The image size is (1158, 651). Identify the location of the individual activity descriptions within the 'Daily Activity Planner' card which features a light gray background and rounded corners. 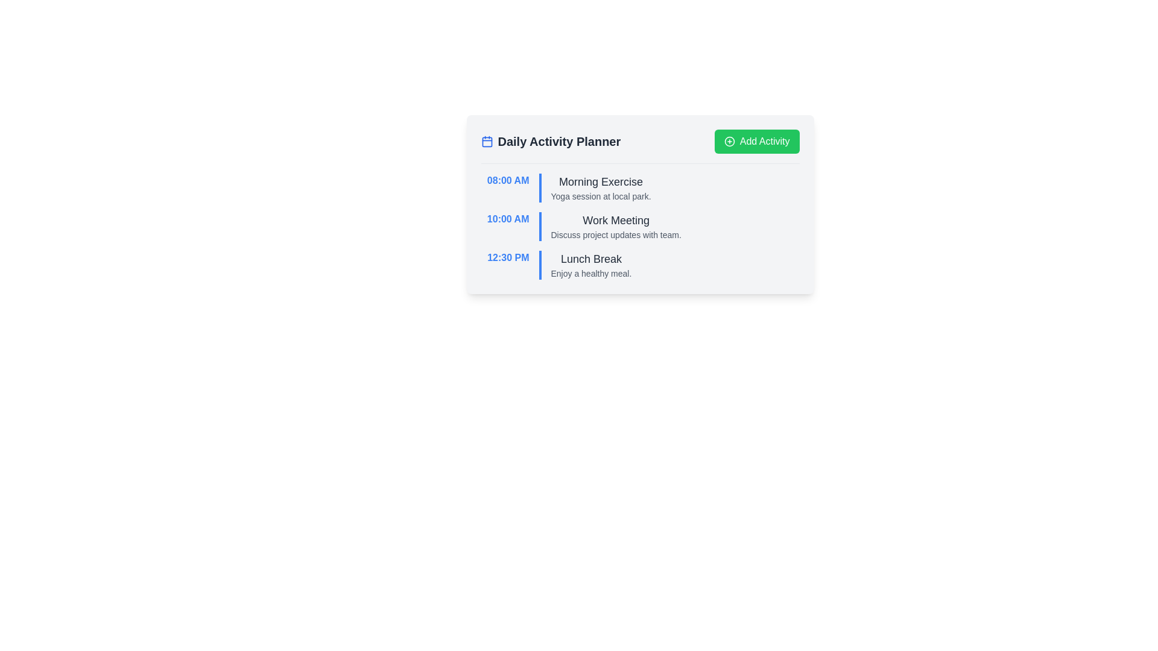
(639, 204).